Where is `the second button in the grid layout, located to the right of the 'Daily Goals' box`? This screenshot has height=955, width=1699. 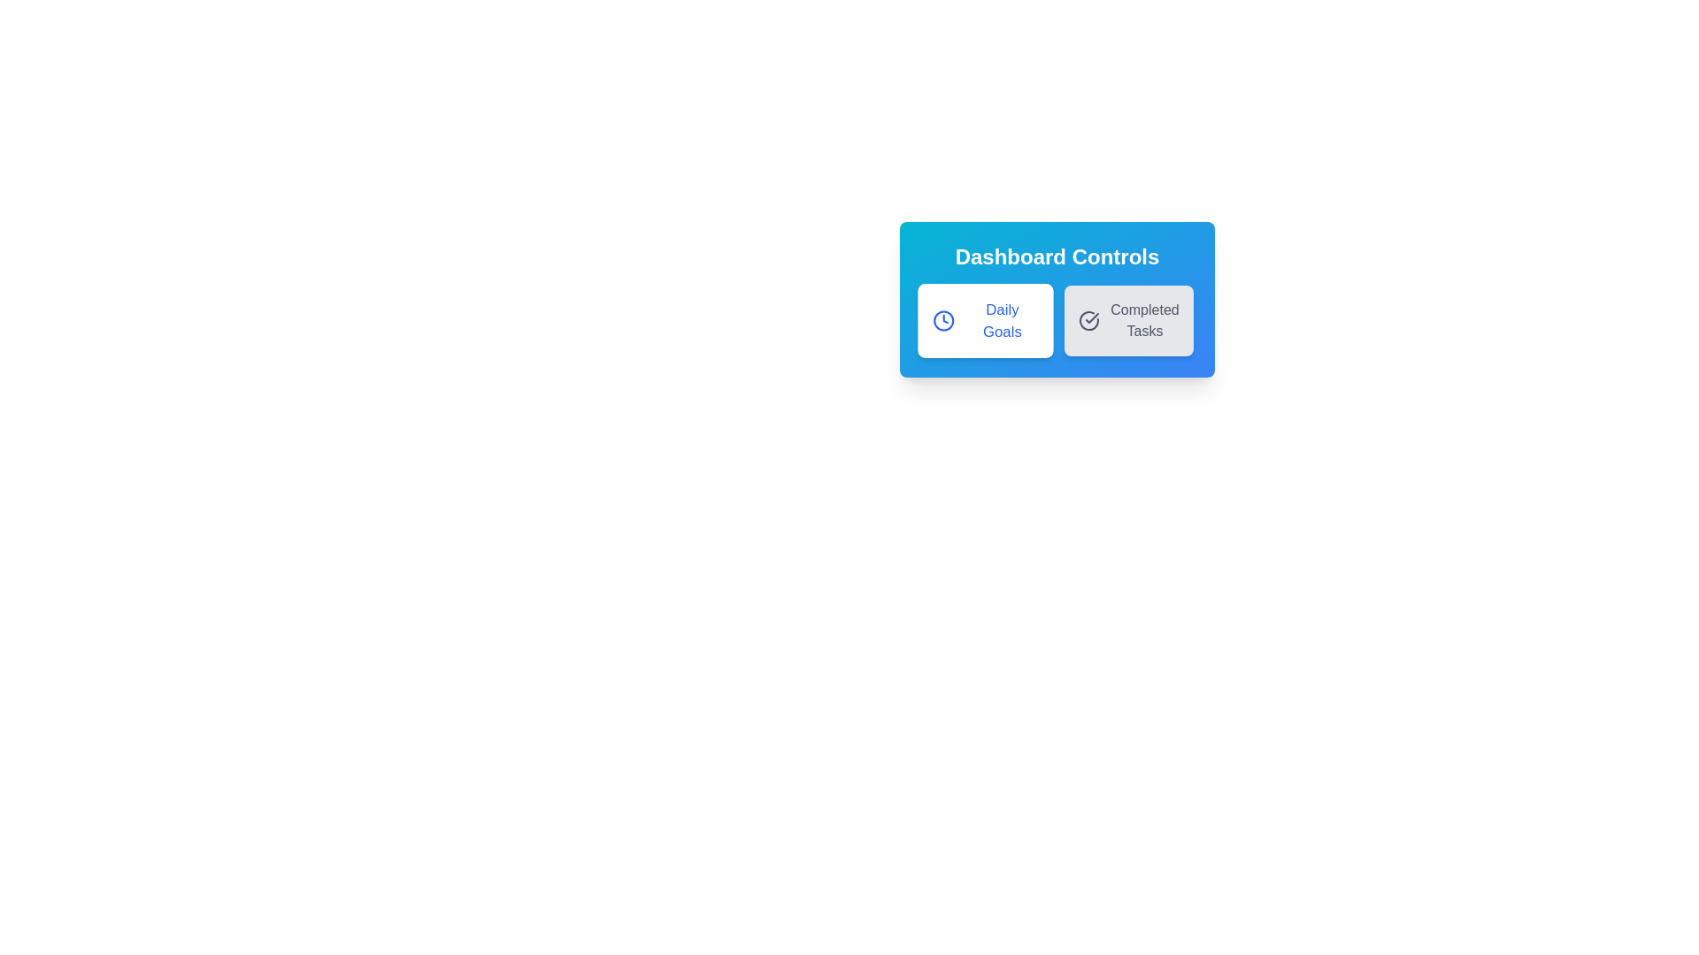 the second button in the grid layout, located to the right of the 'Daily Goals' box is located at coordinates (1128, 320).